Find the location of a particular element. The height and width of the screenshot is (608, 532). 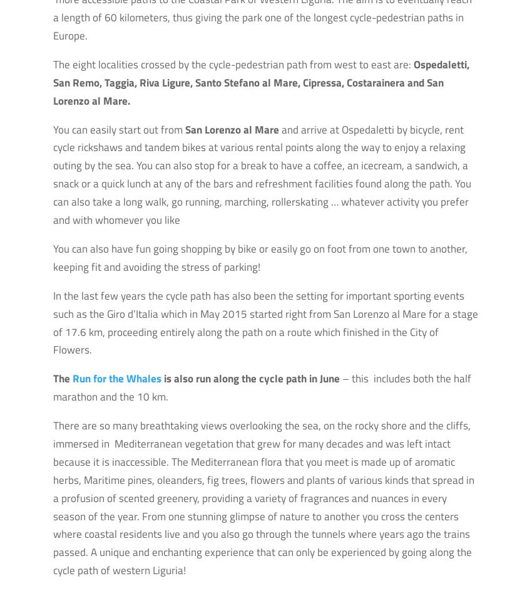

'You can also have fun going shopping by bike or easily go on foot from one town to another, keeping fit and avoiding the stress of parking!' is located at coordinates (260, 257).